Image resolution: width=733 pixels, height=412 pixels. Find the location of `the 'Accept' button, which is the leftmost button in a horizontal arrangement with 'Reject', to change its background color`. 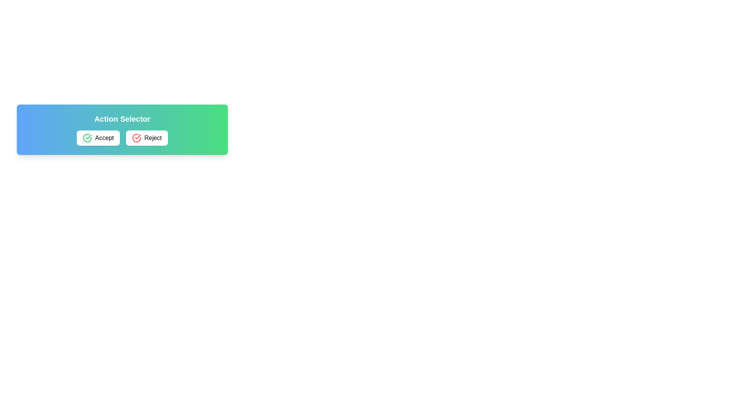

the 'Accept' button, which is the leftmost button in a horizontal arrangement with 'Reject', to change its background color is located at coordinates (98, 138).